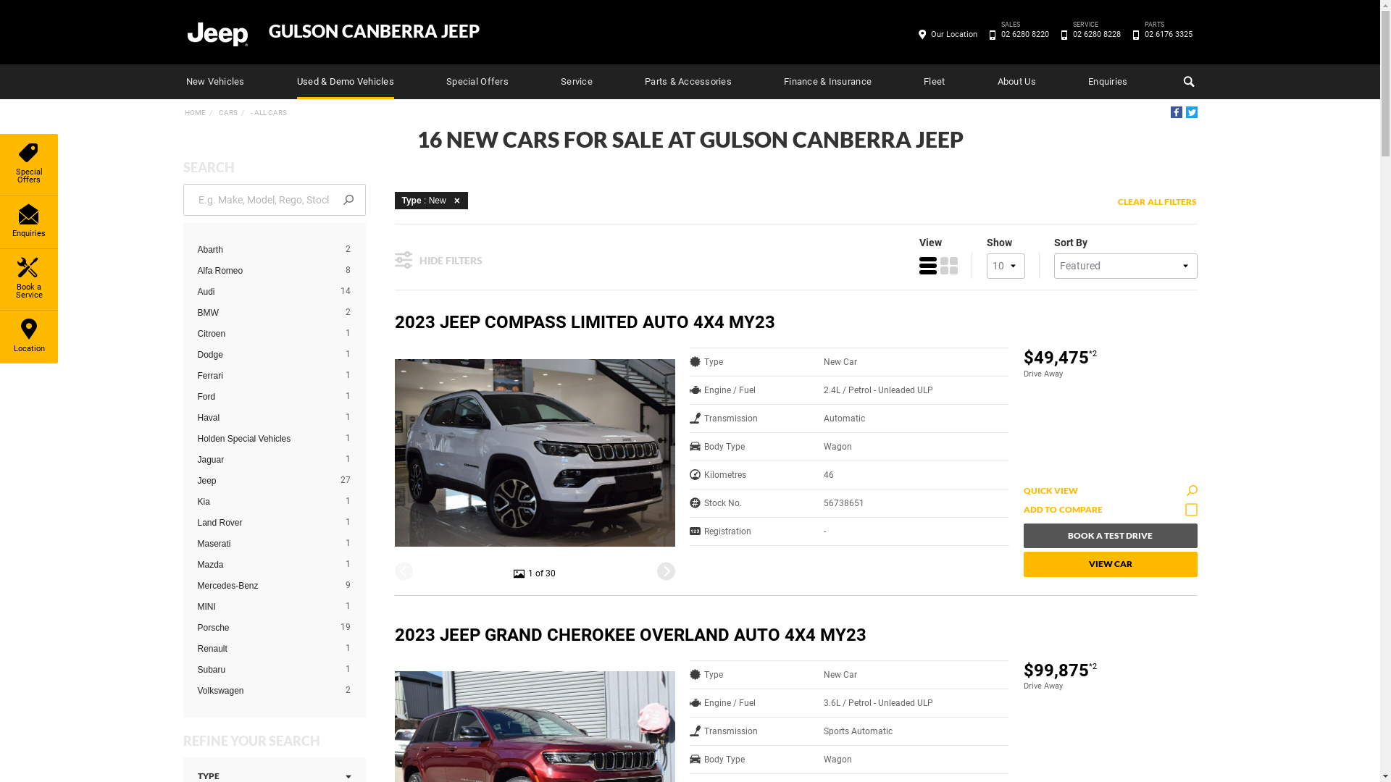  What do you see at coordinates (827, 81) in the screenshot?
I see `'Finance & Insurance'` at bounding box center [827, 81].